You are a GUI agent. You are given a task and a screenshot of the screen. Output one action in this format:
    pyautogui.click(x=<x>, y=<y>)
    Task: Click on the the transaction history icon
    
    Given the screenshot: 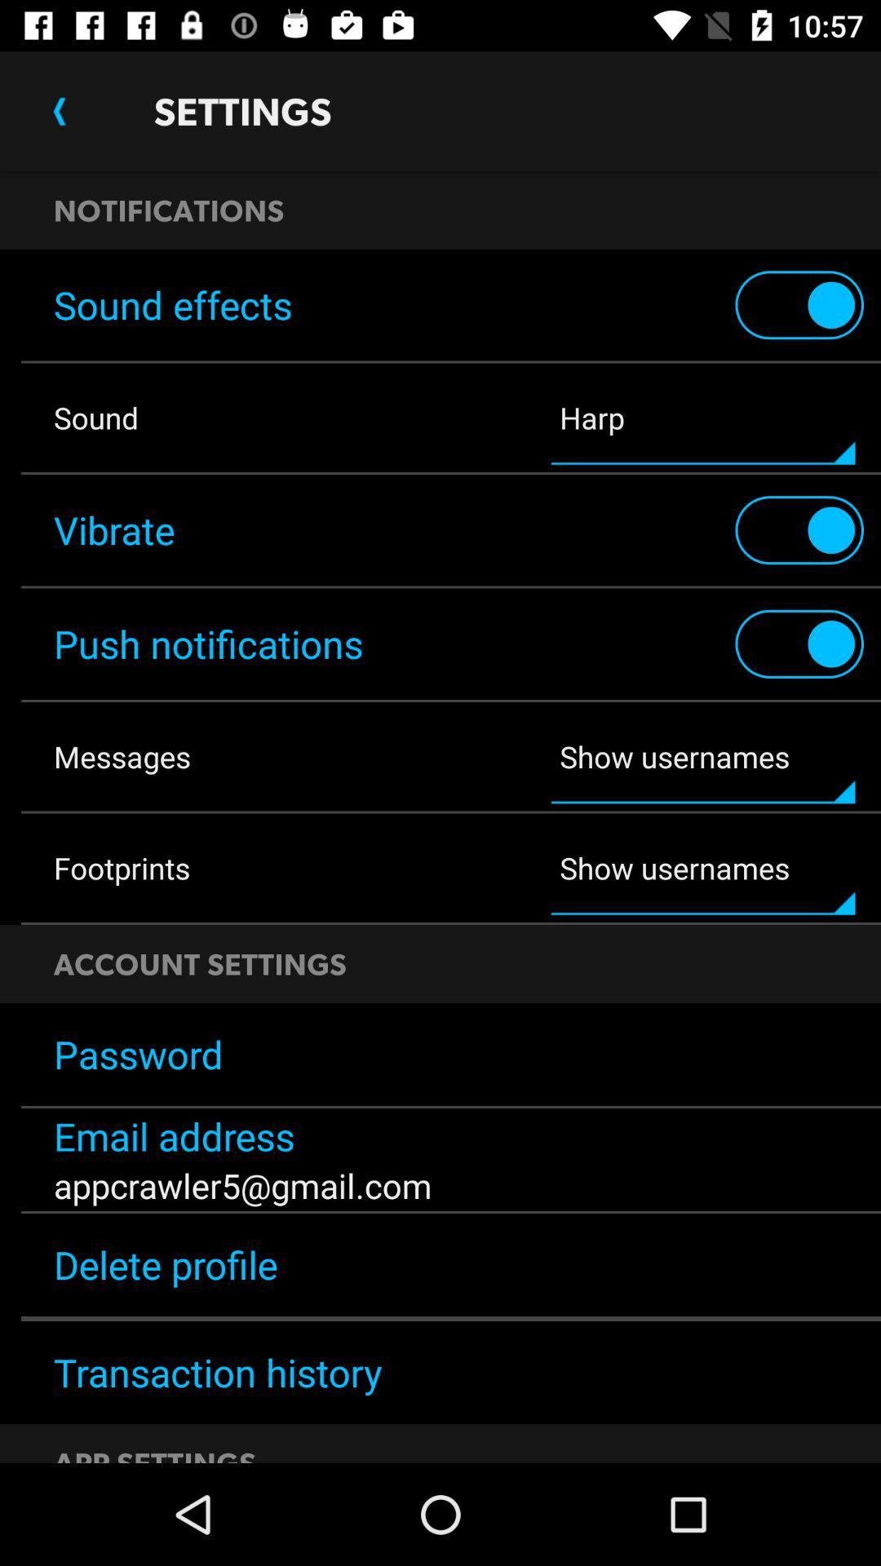 What is the action you would take?
    pyautogui.click(x=440, y=1372)
    